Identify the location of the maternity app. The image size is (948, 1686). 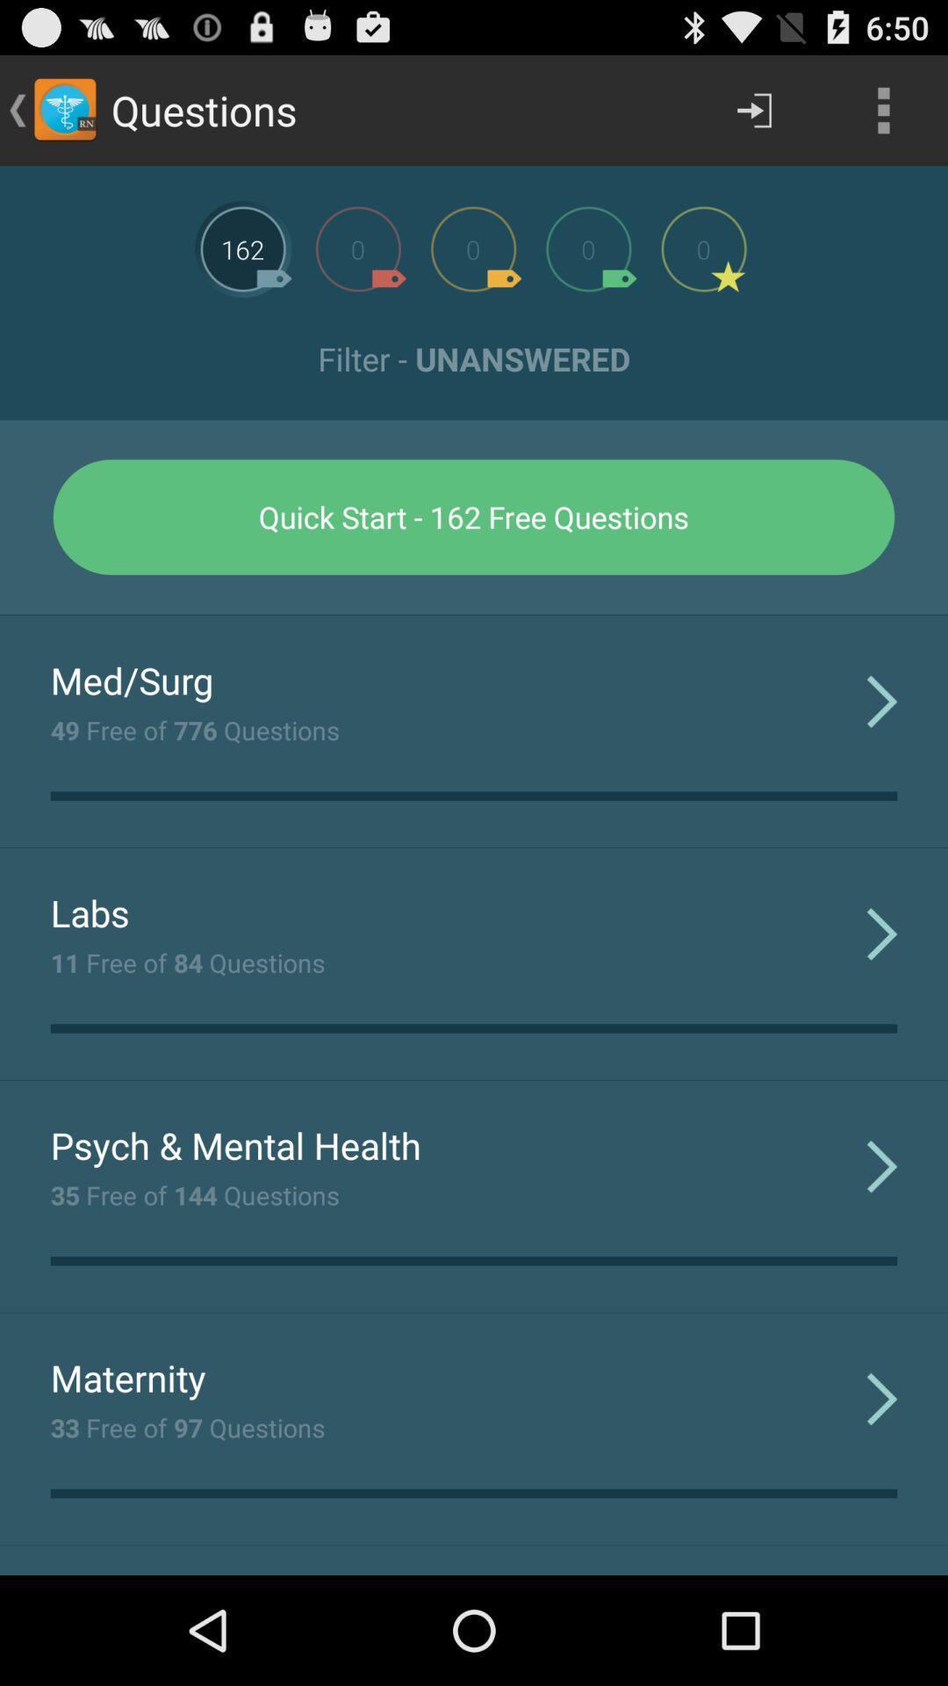
(127, 1377).